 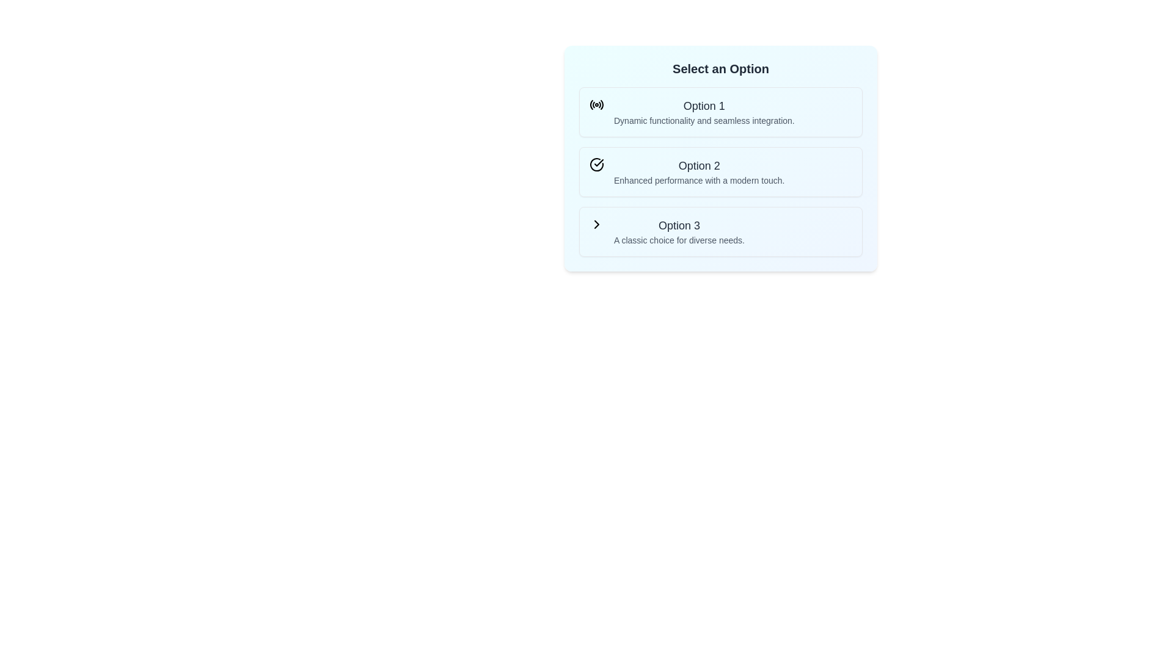 What do you see at coordinates (704, 105) in the screenshot?
I see `the static text label that serves as the title of the first option in the list, located under the heading 'Select an Option'` at bounding box center [704, 105].